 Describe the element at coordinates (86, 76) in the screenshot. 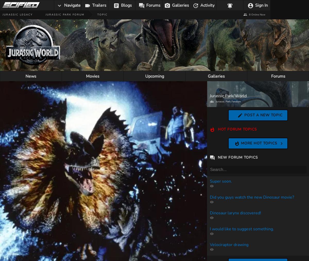

I see `'Movies'` at that location.